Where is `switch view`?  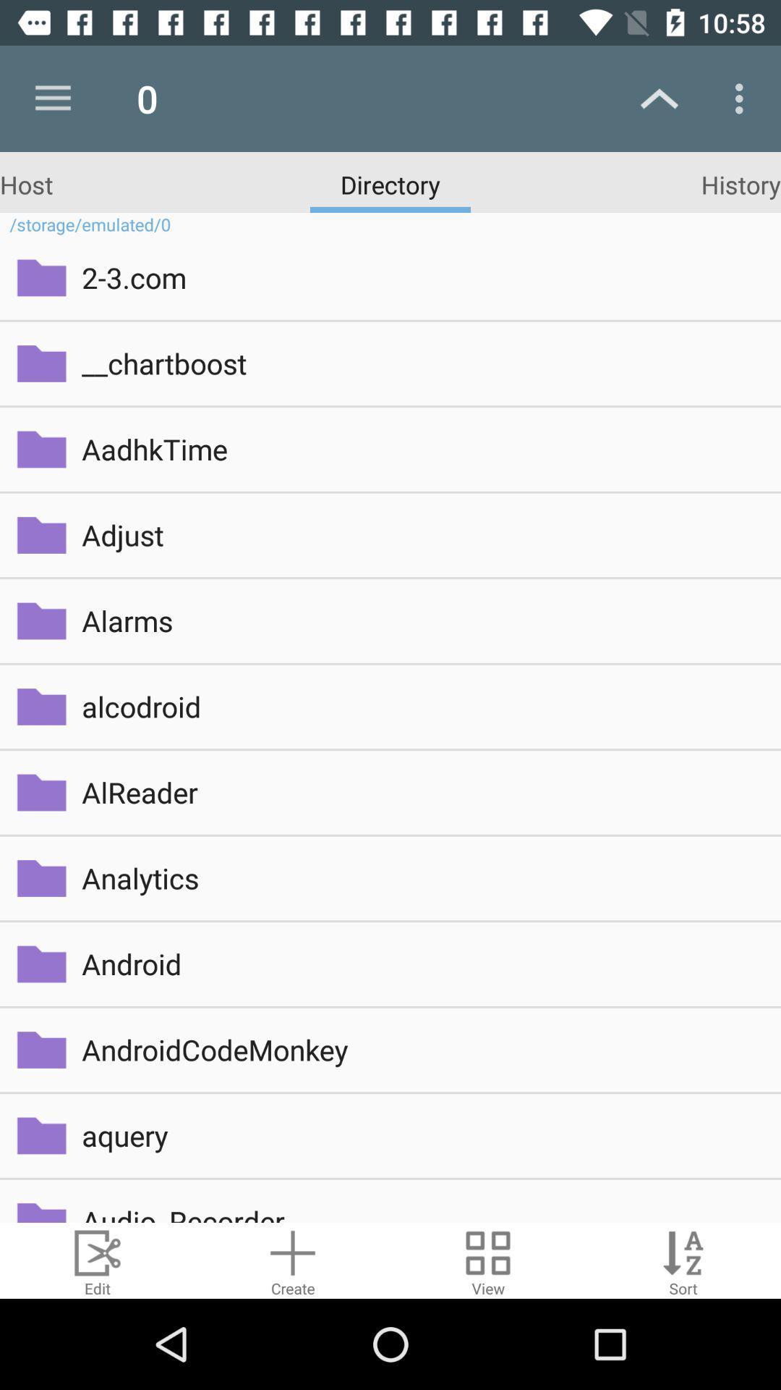 switch view is located at coordinates (488, 1260).